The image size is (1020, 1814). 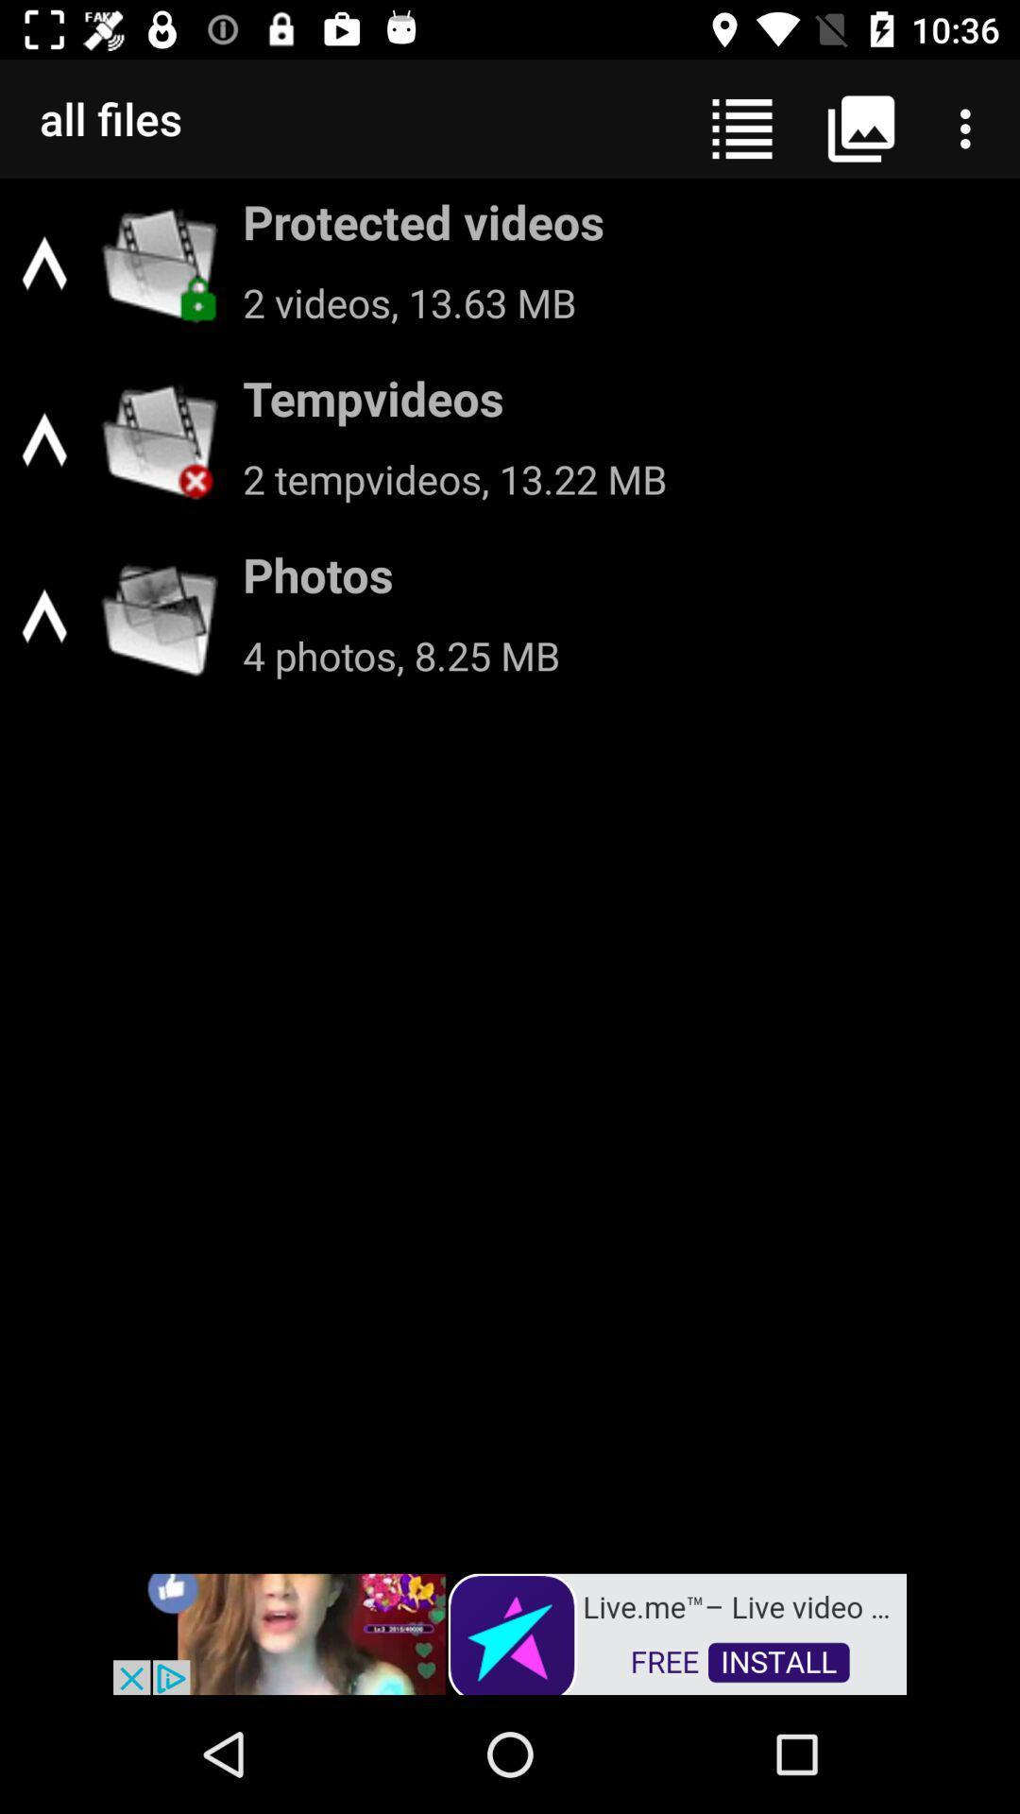 What do you see at coordinates (510, 1632) in the screenshot?
I see `advertisement` at bounding box center [510, 1632].